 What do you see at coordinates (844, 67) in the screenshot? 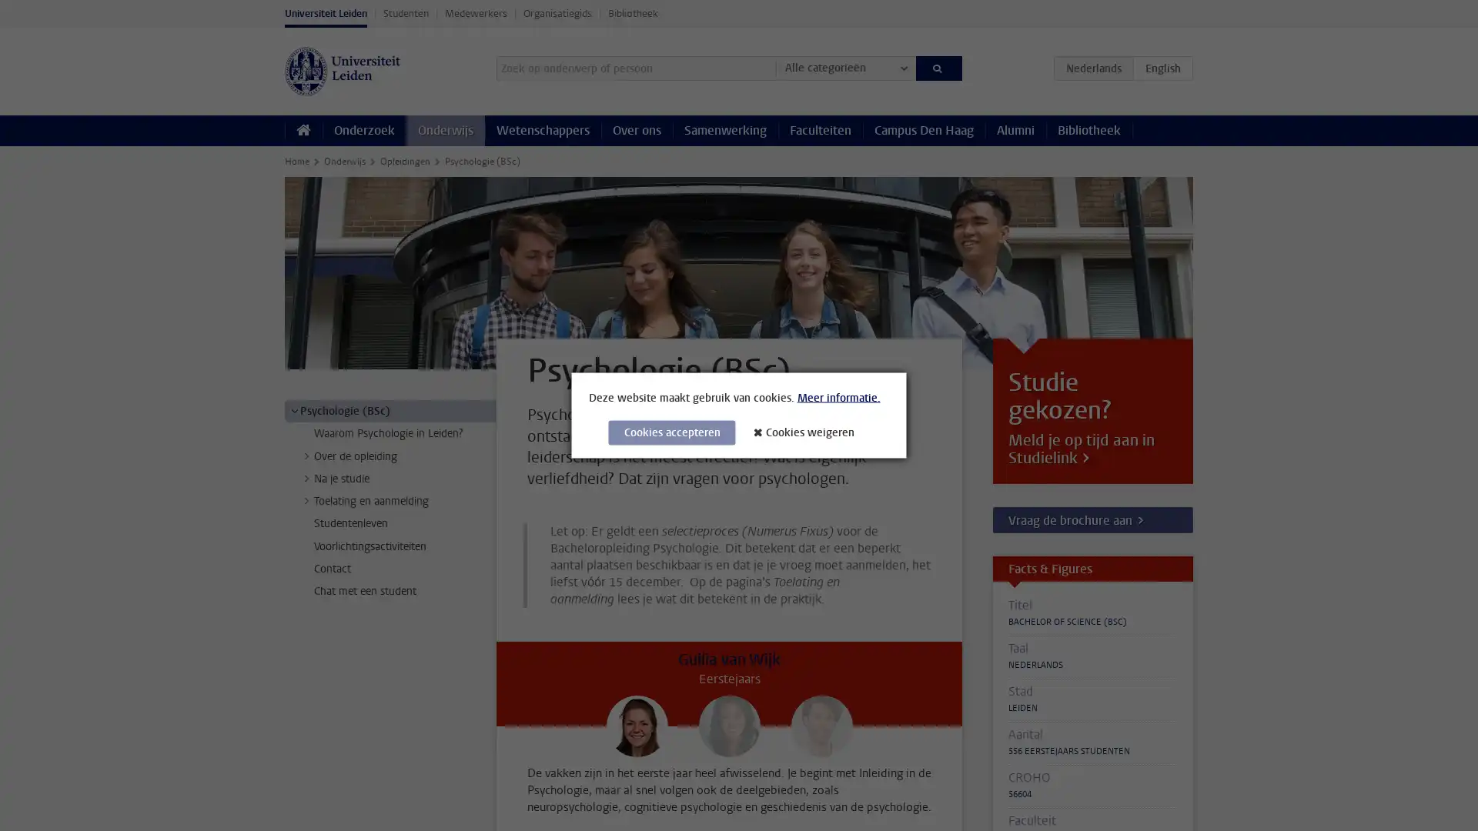
I see `Alle categorieen` at bounding box center [844, 67].